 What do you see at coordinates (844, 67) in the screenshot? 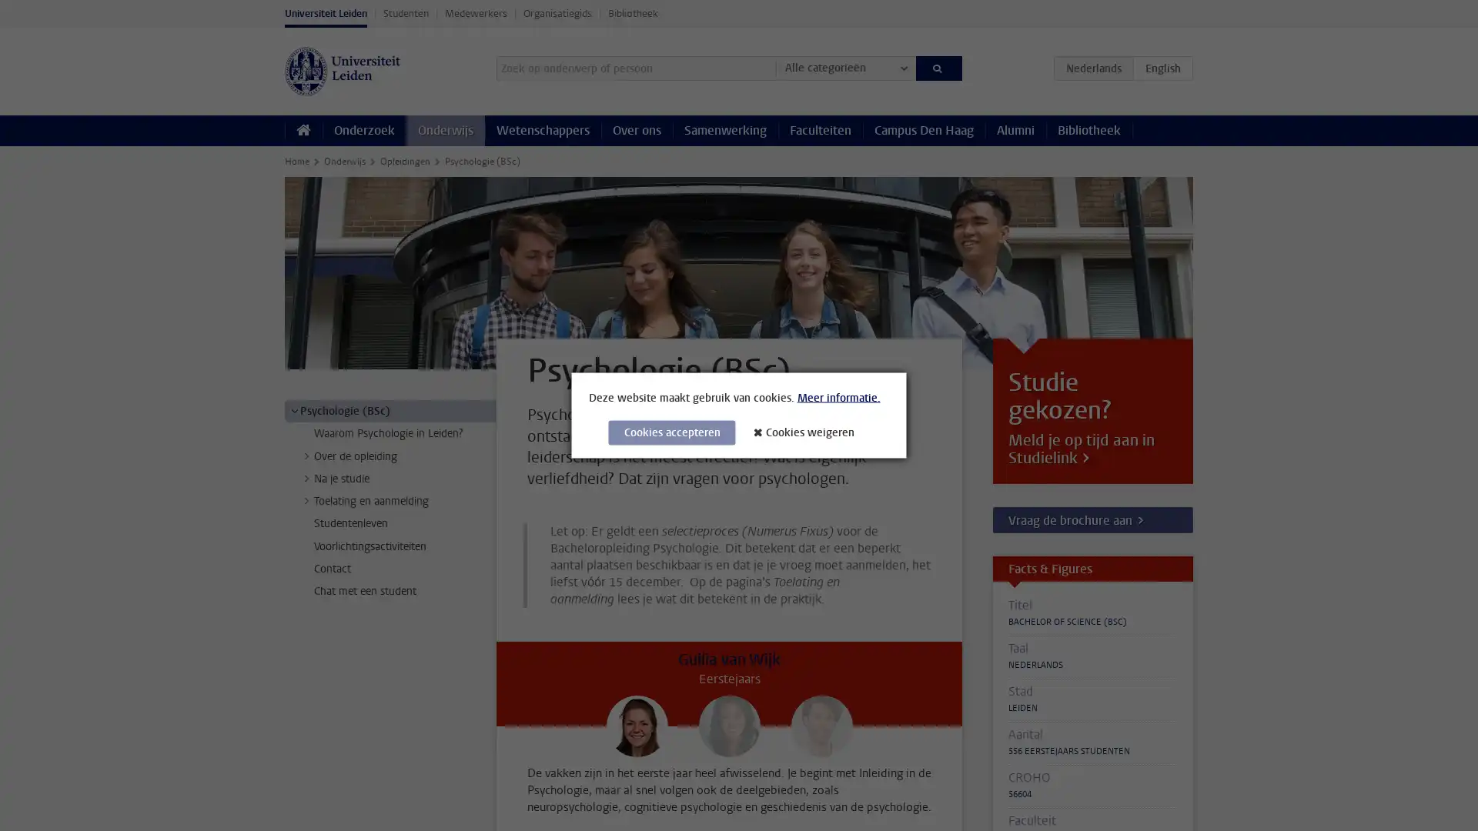
I see `Alle categorieen` at bounding box center [844, 67].